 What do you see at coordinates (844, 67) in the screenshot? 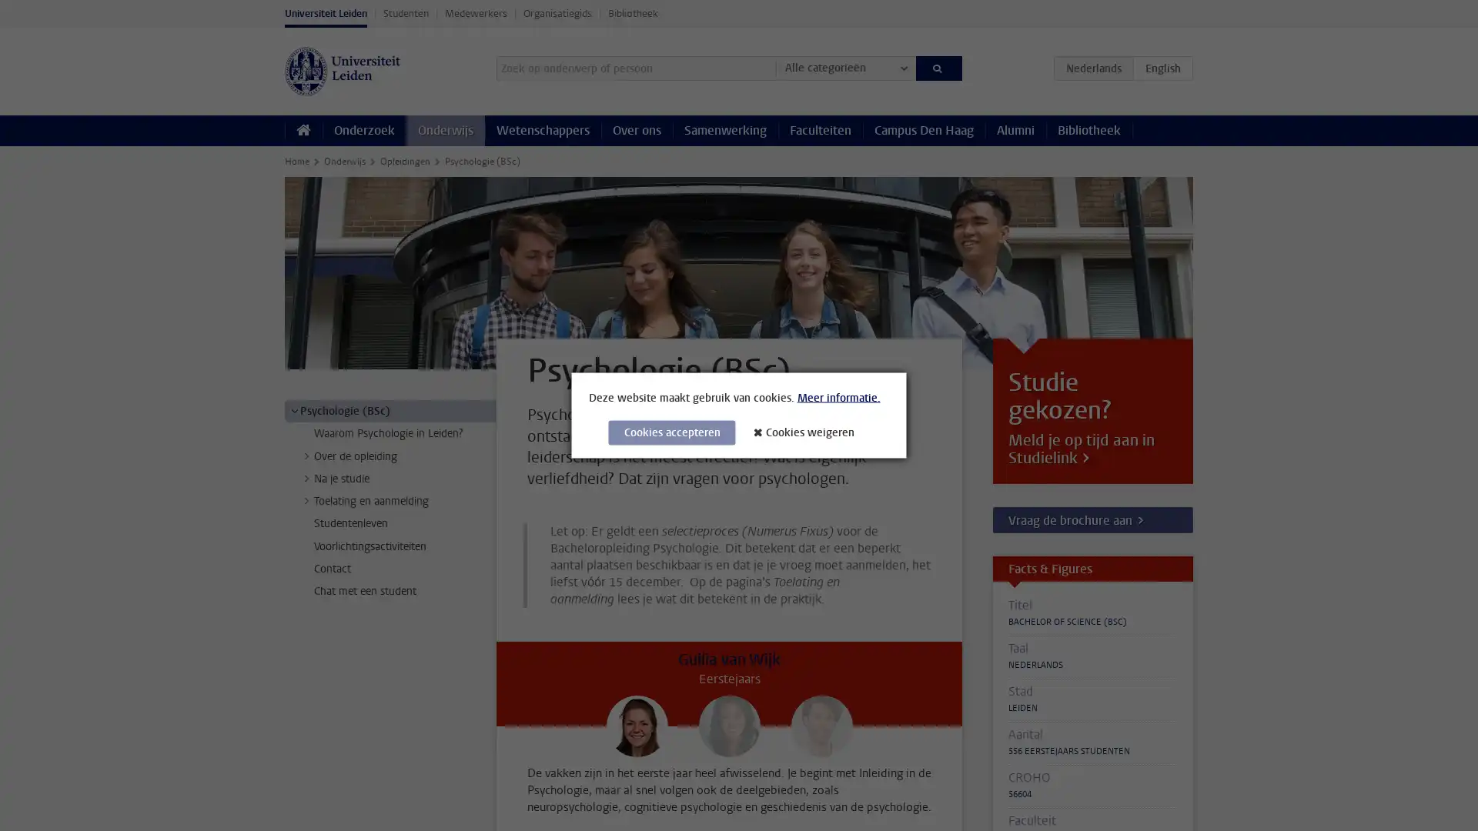
I see `Alle categorieen` at bounding box center [844, 67].